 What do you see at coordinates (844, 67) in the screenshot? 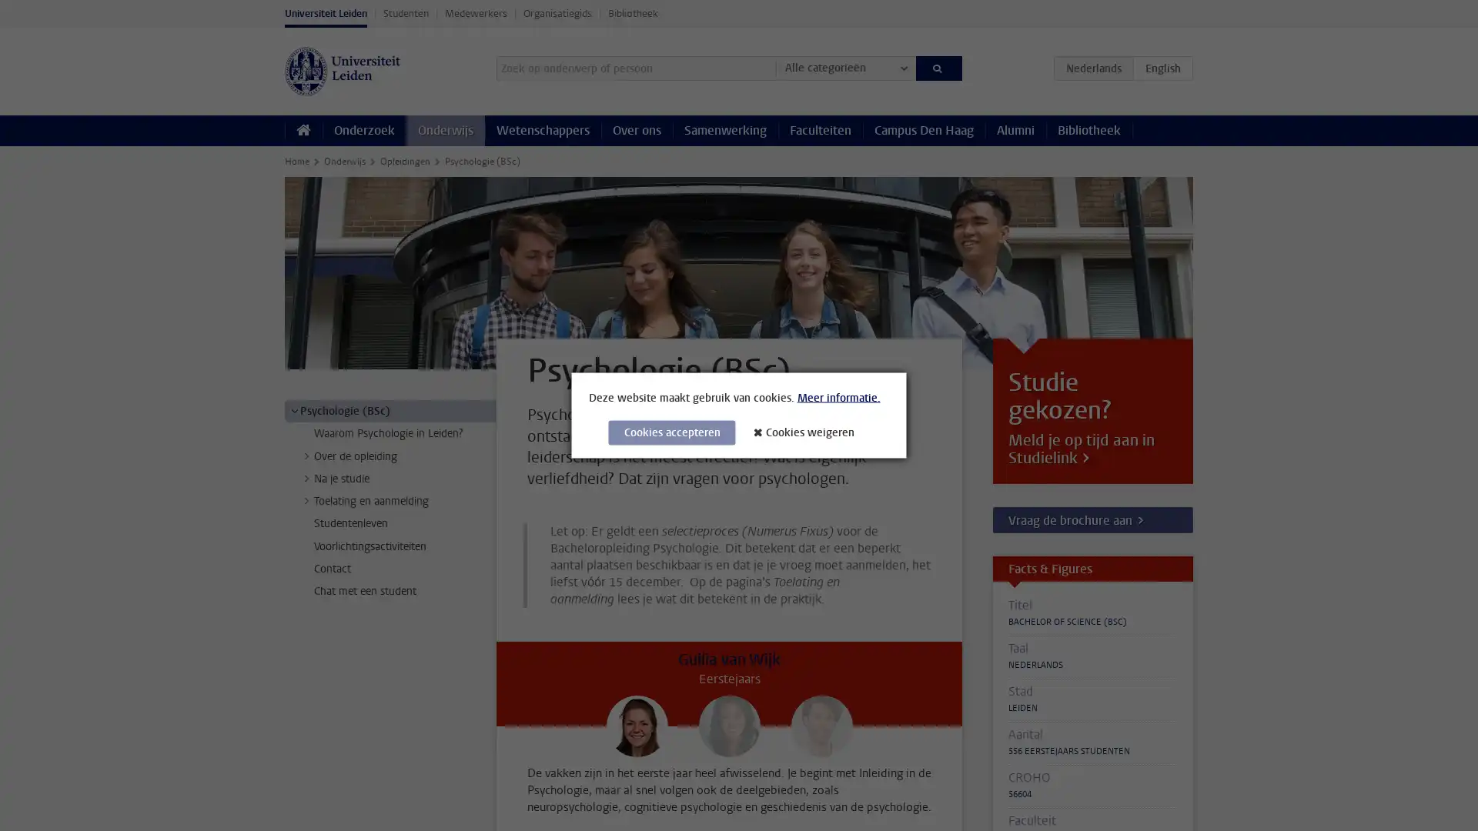
I see `Alle categorieen` at bounding box center [844, 67].